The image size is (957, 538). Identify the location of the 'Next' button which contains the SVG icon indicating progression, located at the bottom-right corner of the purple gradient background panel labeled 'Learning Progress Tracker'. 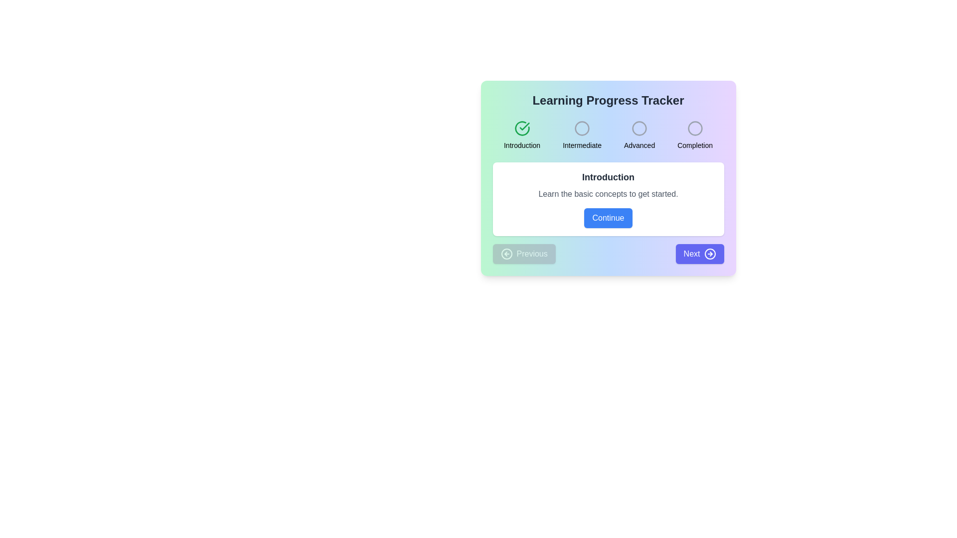
(709, 253).